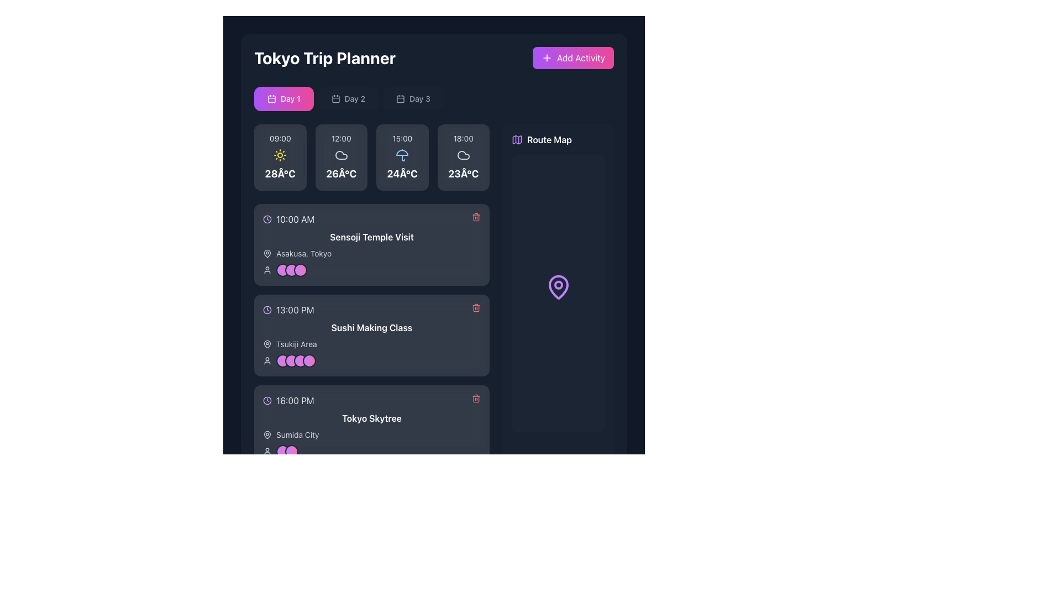 This screenshot has height=597, width=1061. What do you see at coordinates (267, 270) in the screenshot?
I see `the user profile silhouette icon, which is styled with thin outlines and a gray color tone, located at the start of a sequence of circular icons` at bounding box center [267, 270].